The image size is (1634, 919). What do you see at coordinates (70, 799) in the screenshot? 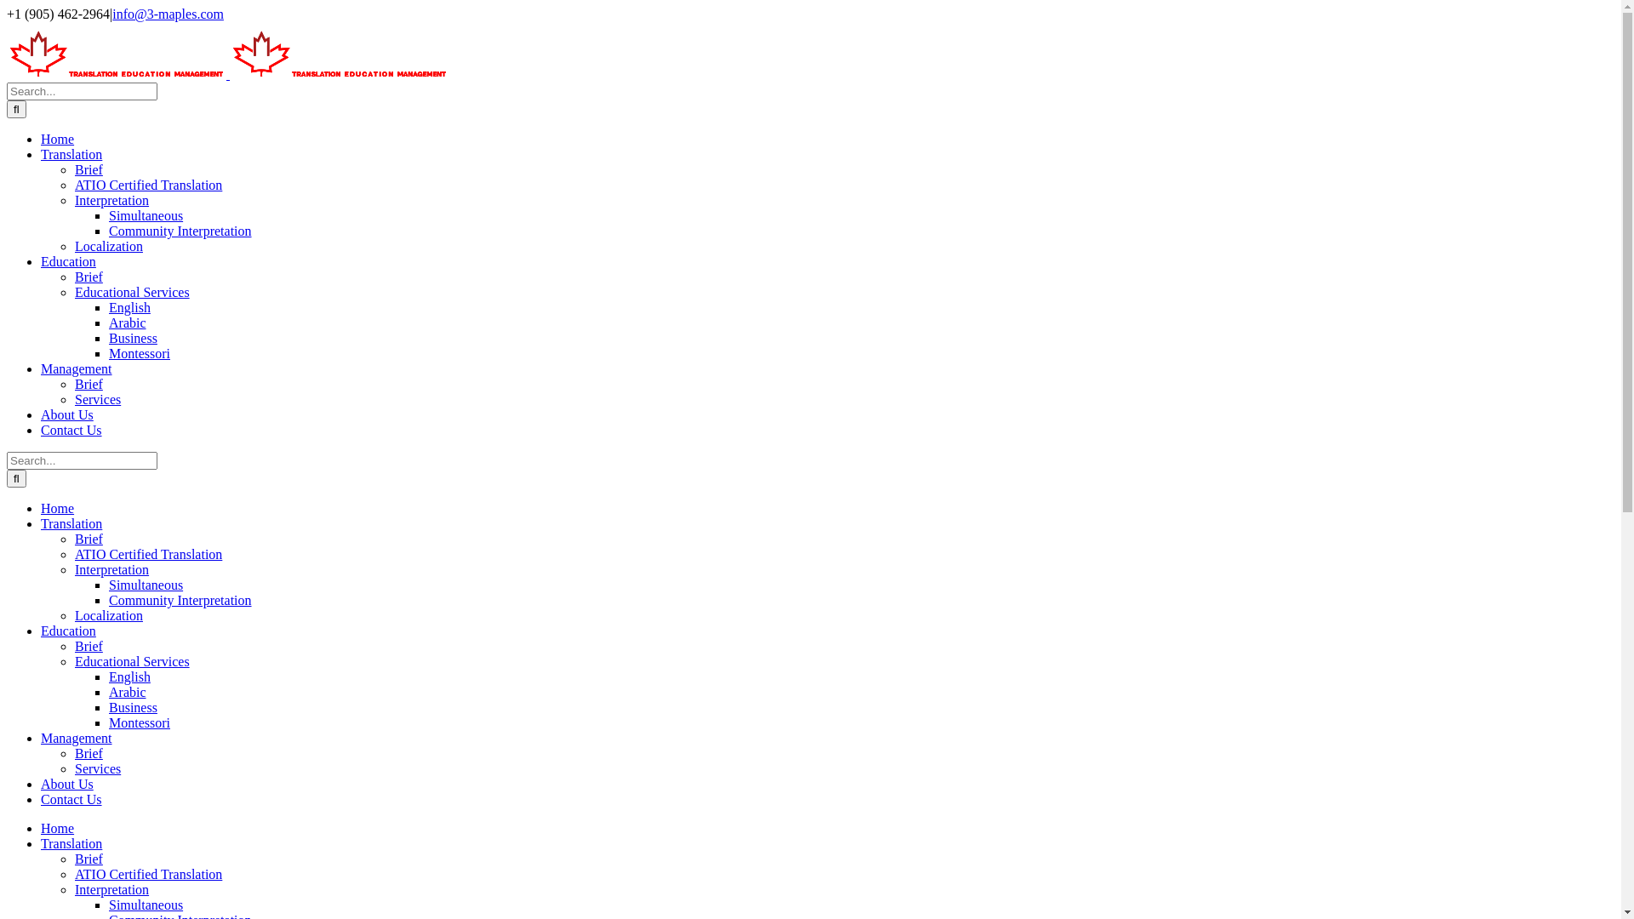
I see `'Contact Us'` at bounding box center [70, 799].